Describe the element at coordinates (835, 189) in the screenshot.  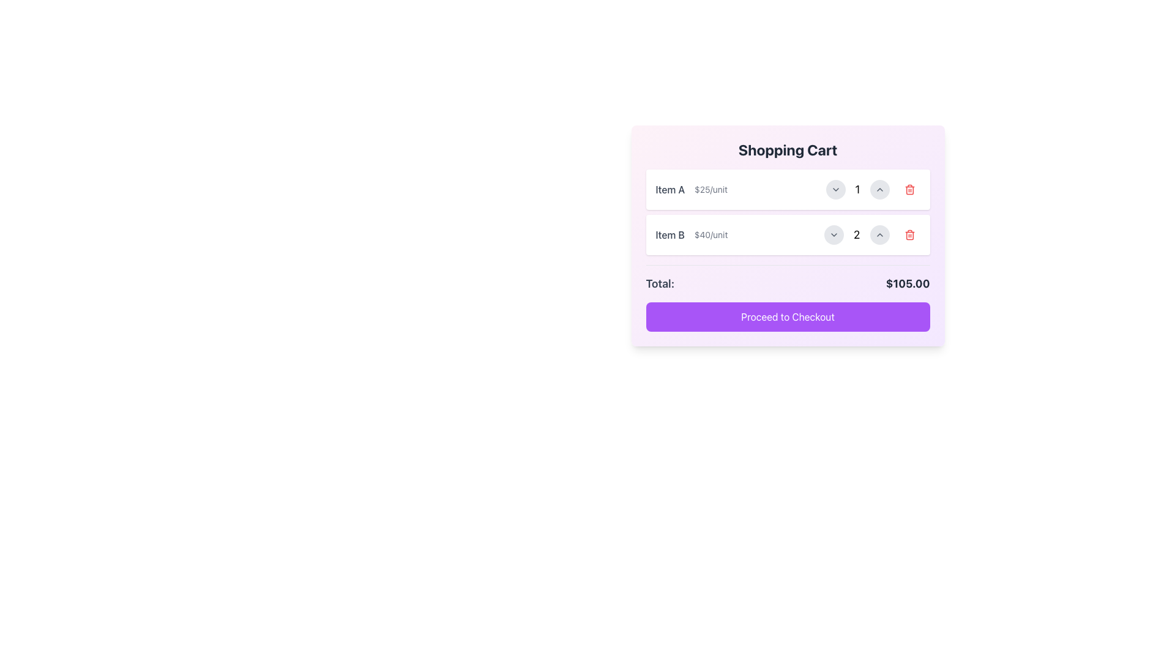
I see `the Dropdown Icon, a downward arrow inside a circular gray button, located to the left of the numeric input for item quantities associated with 'Item B'` at that location.